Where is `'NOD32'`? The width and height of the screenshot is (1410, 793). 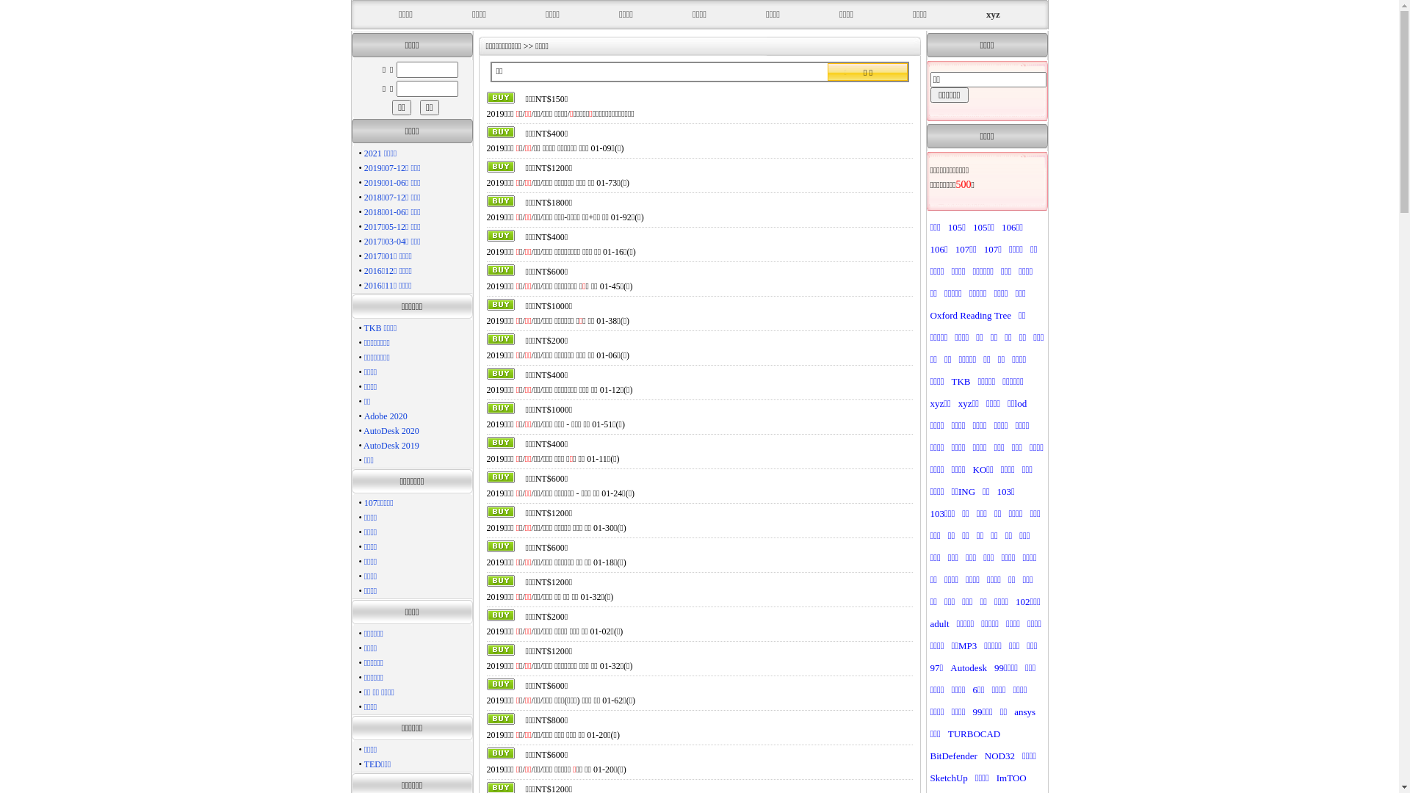
'NOD32' is located at coordinates (999, 756).